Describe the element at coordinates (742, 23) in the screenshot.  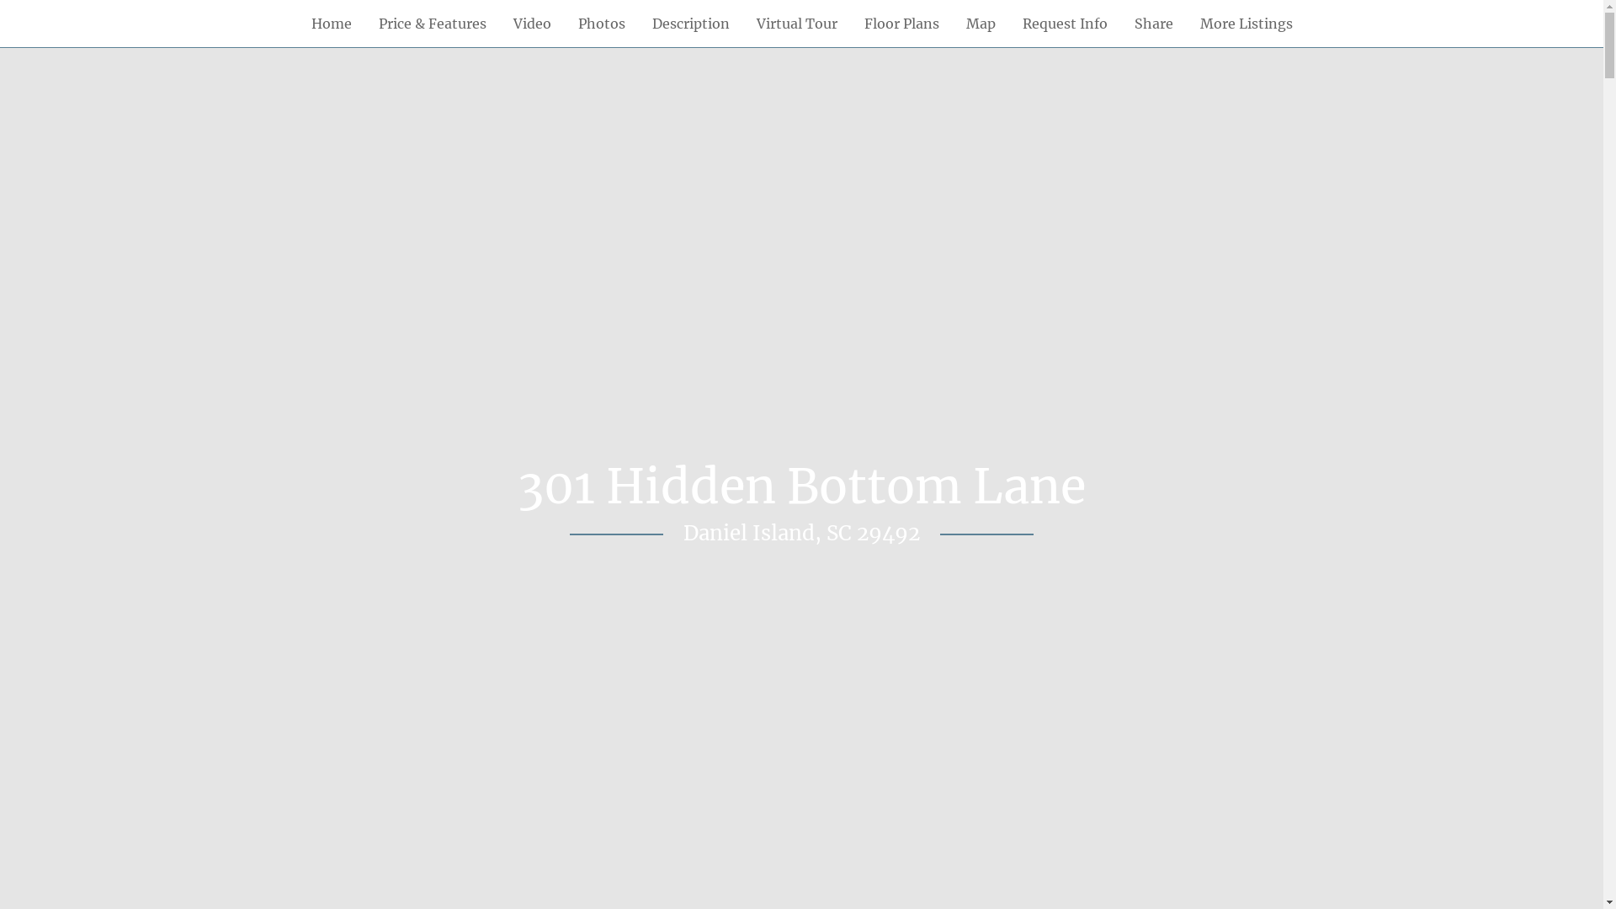
I see `'Virtual Tour'` at that location.